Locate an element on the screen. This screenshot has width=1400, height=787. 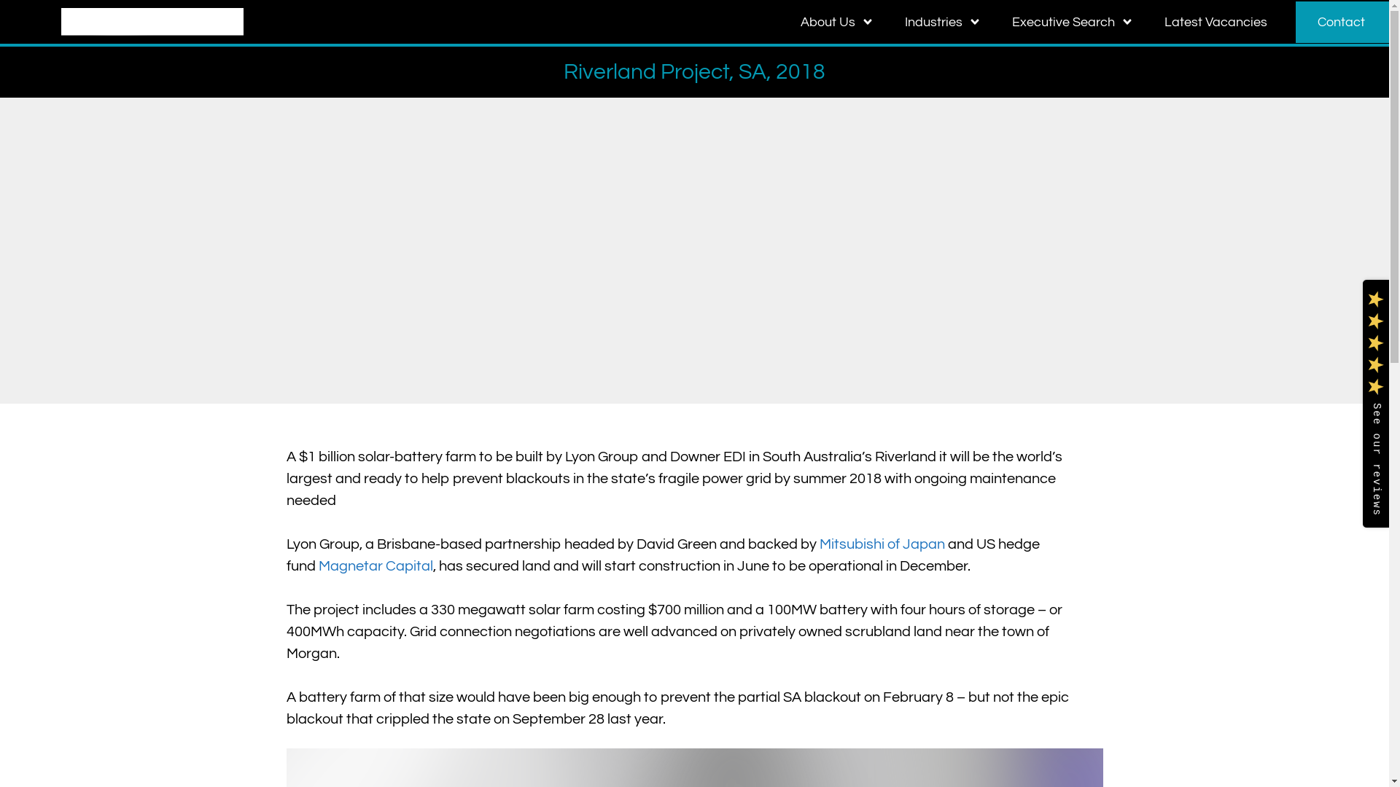
'Executive Search' is located at coordinates (1064, 21).